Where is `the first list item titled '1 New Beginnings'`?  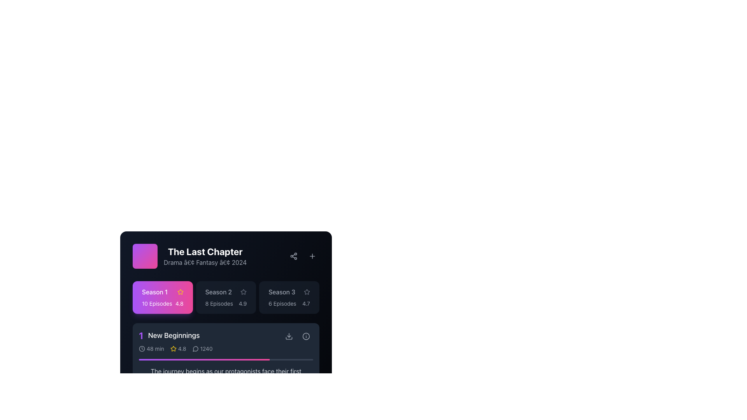
the first list item titled '1 New Beginnings' is located at coordinates (225, 340).